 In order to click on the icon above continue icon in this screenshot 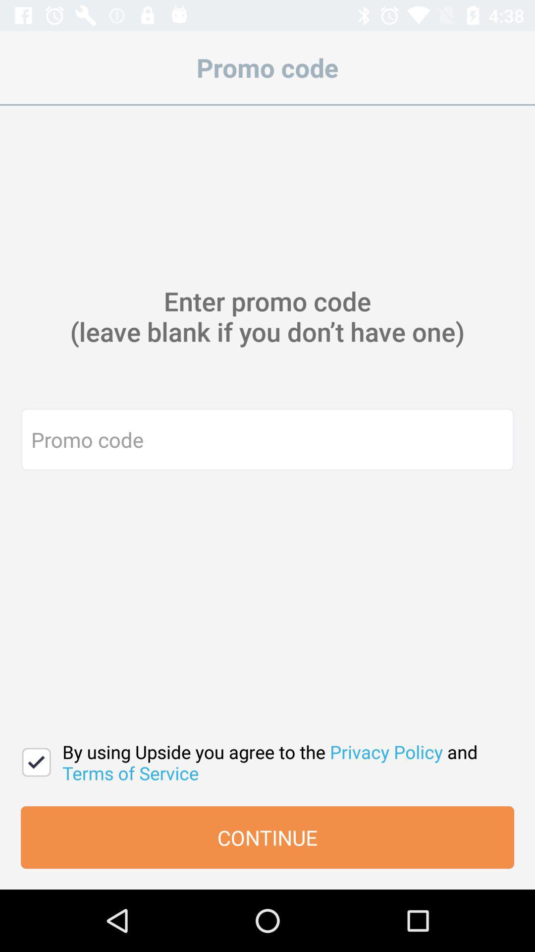, I will do `click(36, 762)`.